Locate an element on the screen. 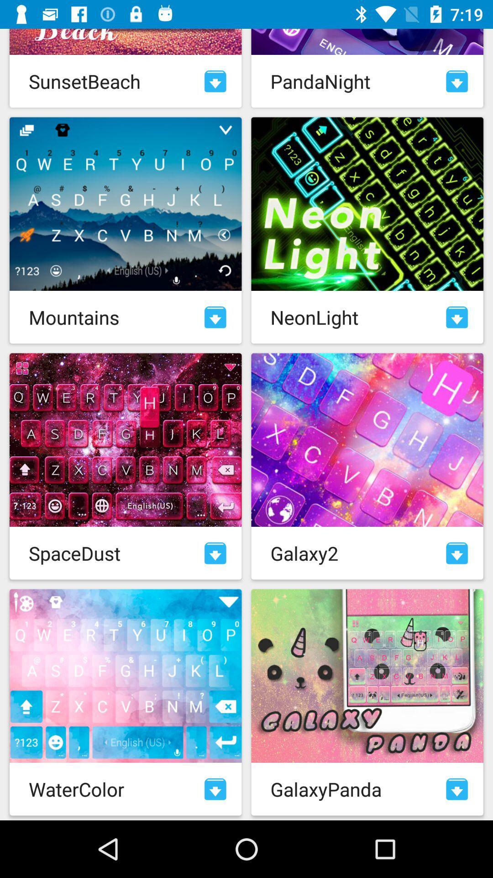  download element is located at coordinates (215, 317).